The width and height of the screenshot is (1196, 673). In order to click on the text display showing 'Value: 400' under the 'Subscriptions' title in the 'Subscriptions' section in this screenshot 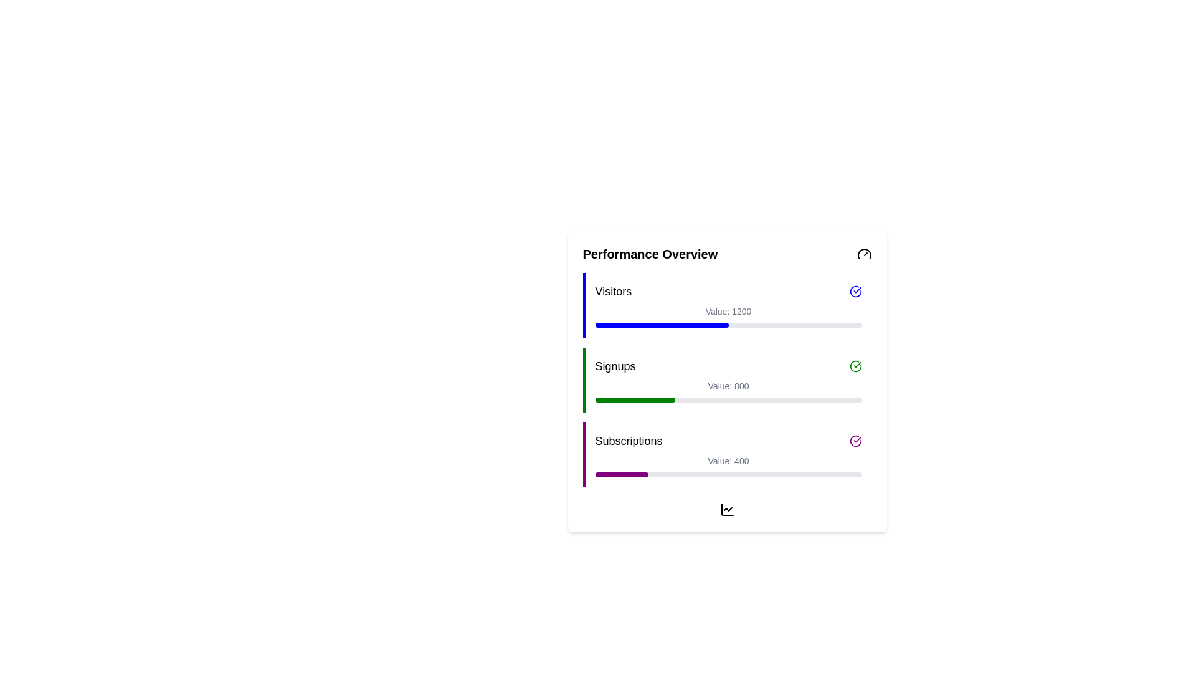, I will do `click(728, 461)`.